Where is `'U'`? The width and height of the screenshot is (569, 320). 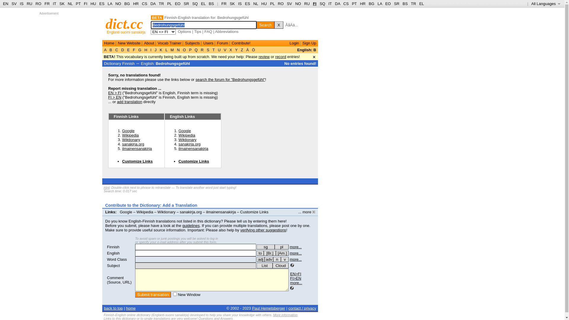
'U' is located at coordinates (219, 49).